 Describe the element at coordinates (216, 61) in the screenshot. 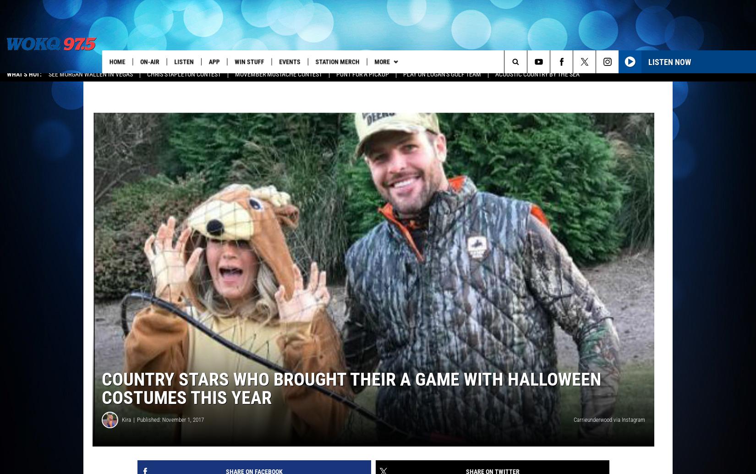

I see `'App'` at that location.